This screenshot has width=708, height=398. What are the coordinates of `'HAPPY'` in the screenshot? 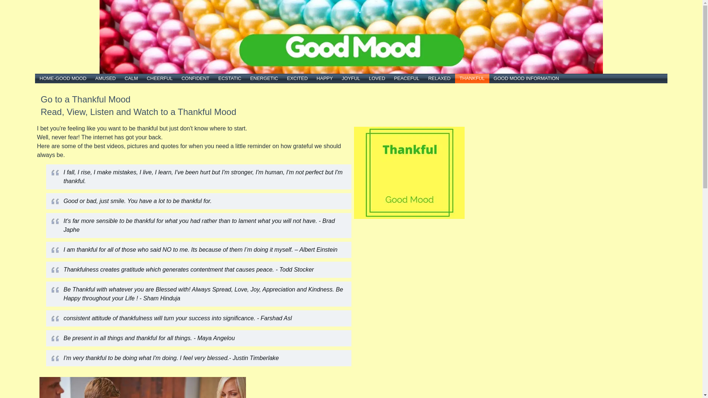 It's located at (324, 78).